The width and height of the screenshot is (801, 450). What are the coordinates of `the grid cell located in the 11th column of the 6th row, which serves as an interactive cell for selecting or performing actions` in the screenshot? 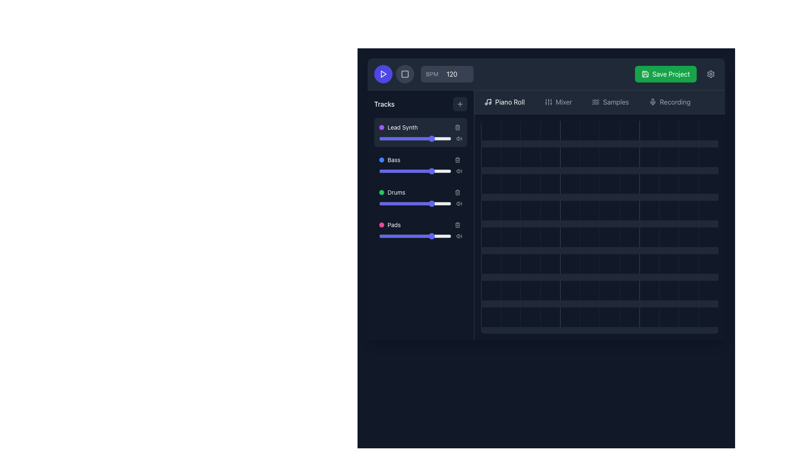 It's located at (669, 290).